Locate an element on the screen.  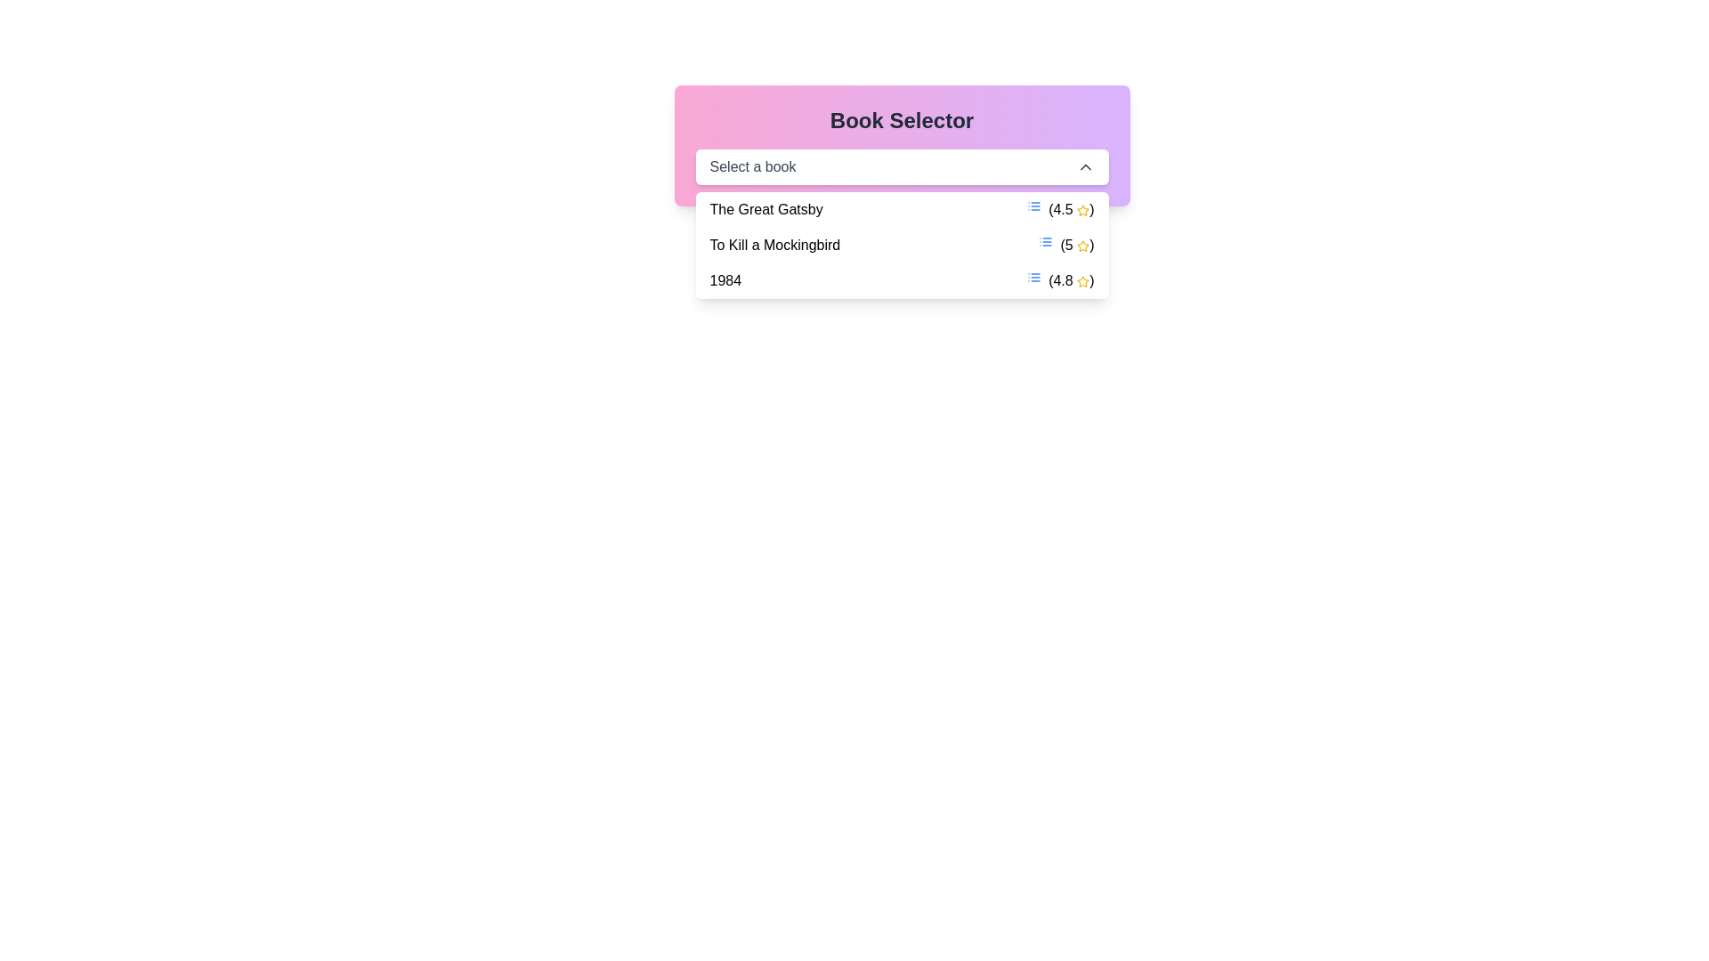
the star icon element that signifies a rating of 4.8, located in the list entry for '1984' is located at coordinates (1082, 280).